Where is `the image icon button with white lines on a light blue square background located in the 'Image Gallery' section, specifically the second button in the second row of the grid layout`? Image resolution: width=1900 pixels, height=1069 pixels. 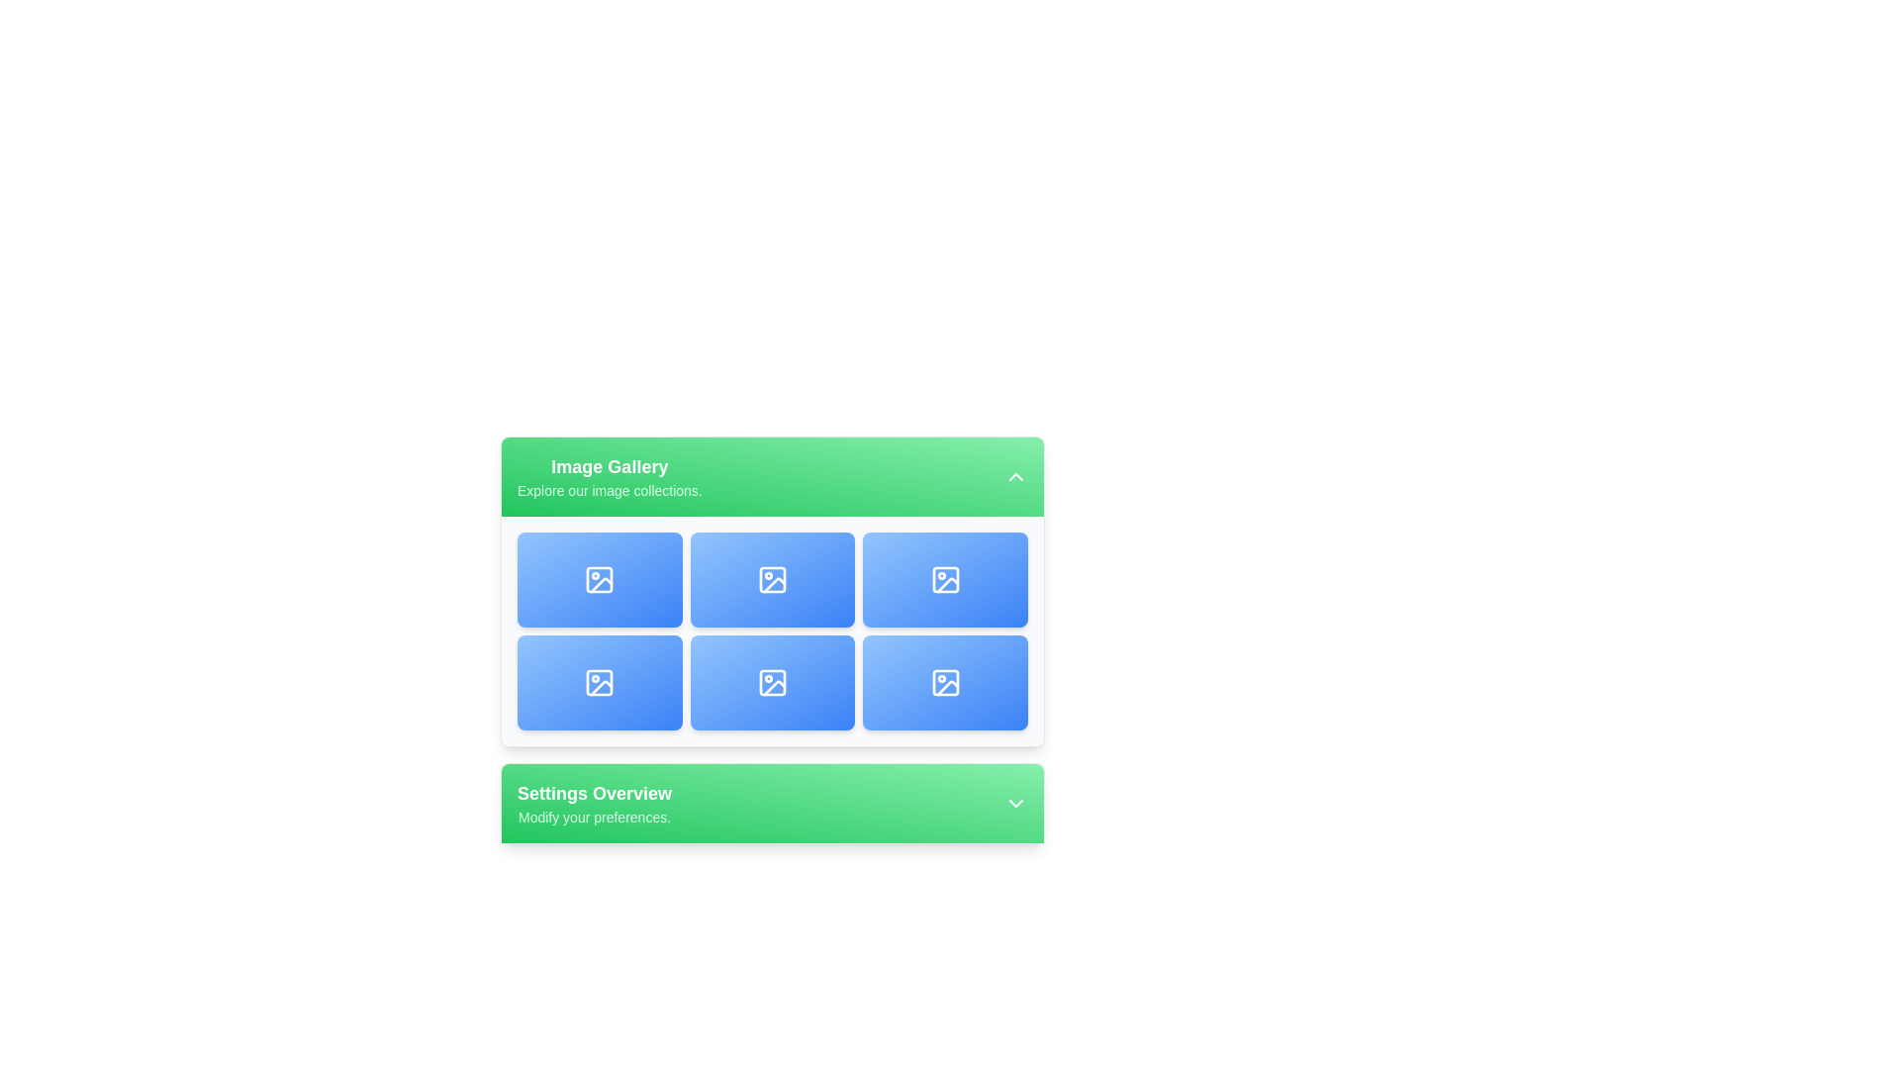
the image icon button with white lines on a light blue square background located in the 'Image Gallery' section, specifically the second button in the second row of the grid layout is located at coordinates (599, 682).